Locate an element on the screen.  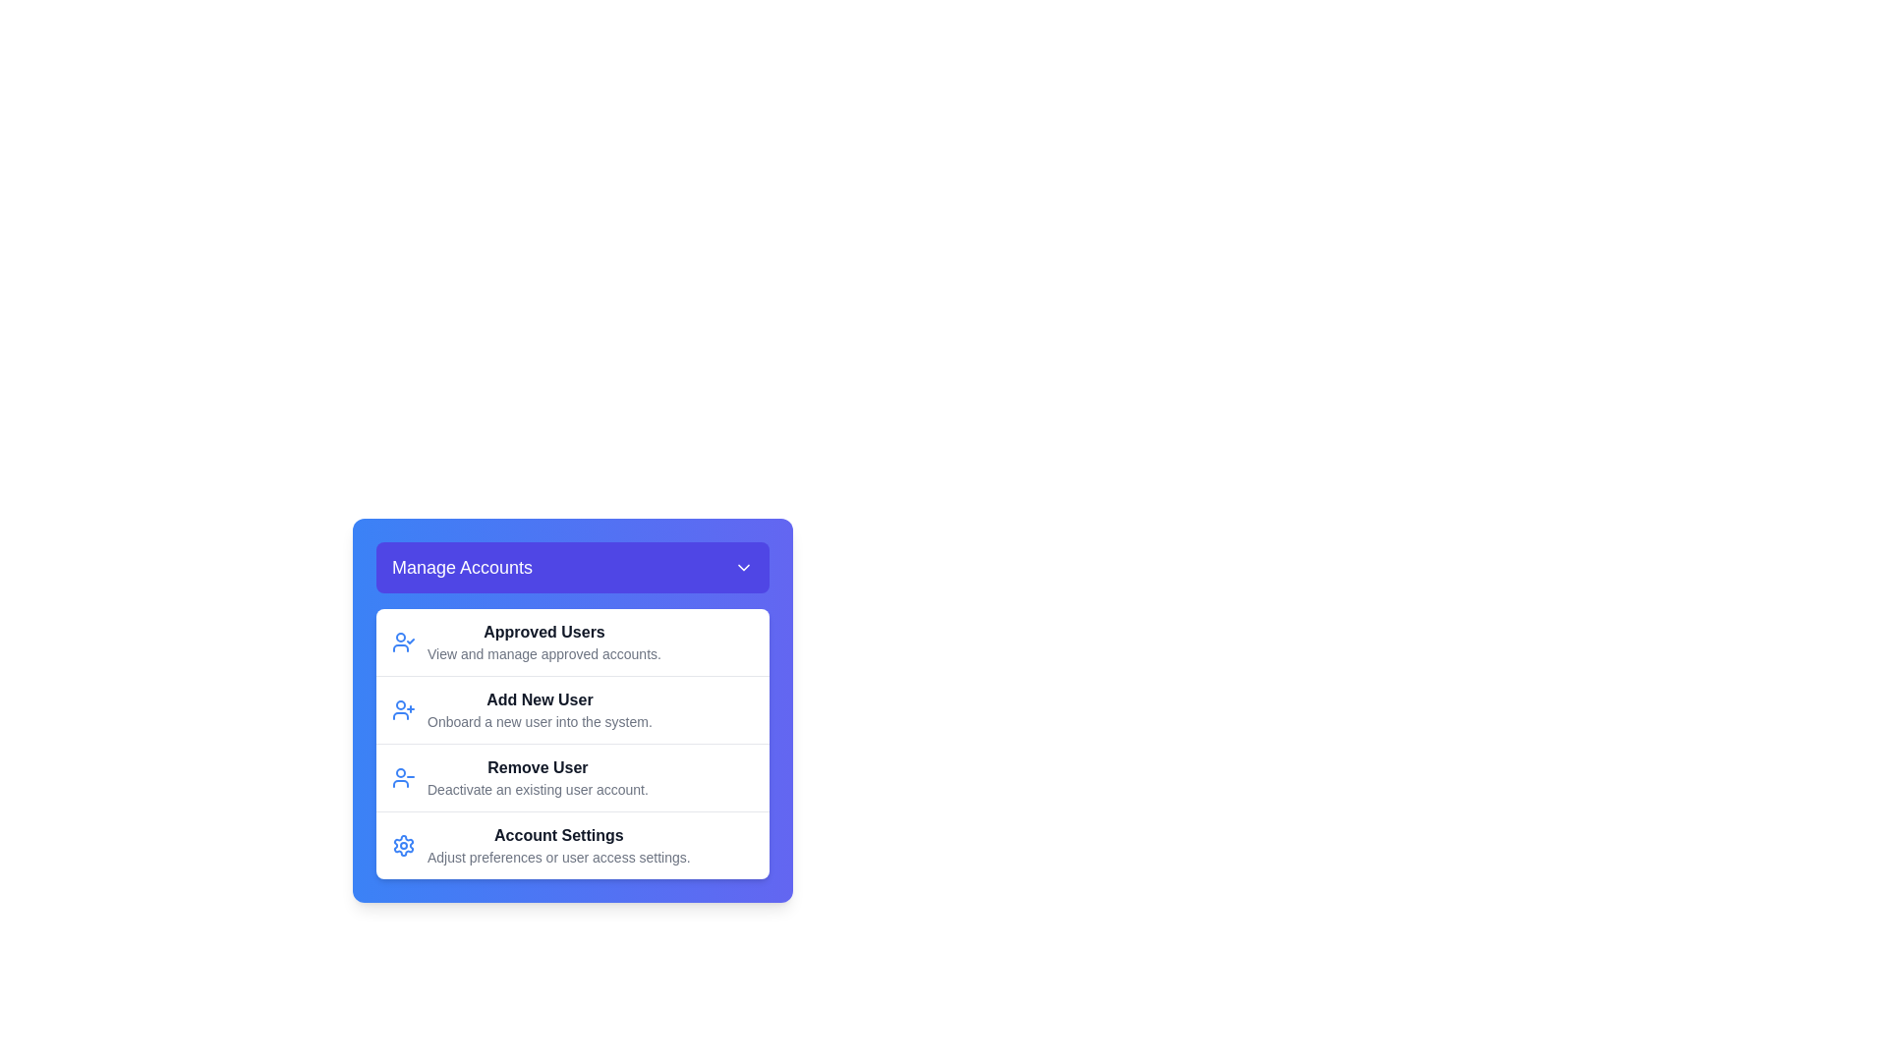
additional details provided by the static text in the 'Approved Users' section, which is located immediately below its header in the 'Manage Accounts' section is located at coordinates (543, 654).